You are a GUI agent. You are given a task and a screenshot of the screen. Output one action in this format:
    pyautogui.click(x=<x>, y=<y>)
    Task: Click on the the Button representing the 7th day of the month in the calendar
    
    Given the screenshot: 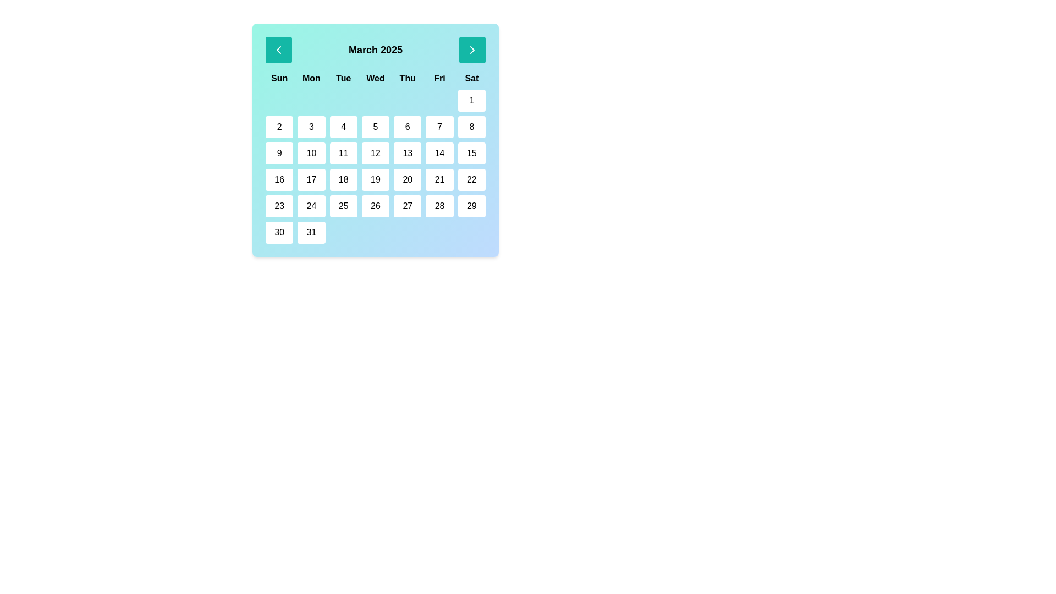 What is the action you would take?
    pyautogui.click(x=439, y=127)
    